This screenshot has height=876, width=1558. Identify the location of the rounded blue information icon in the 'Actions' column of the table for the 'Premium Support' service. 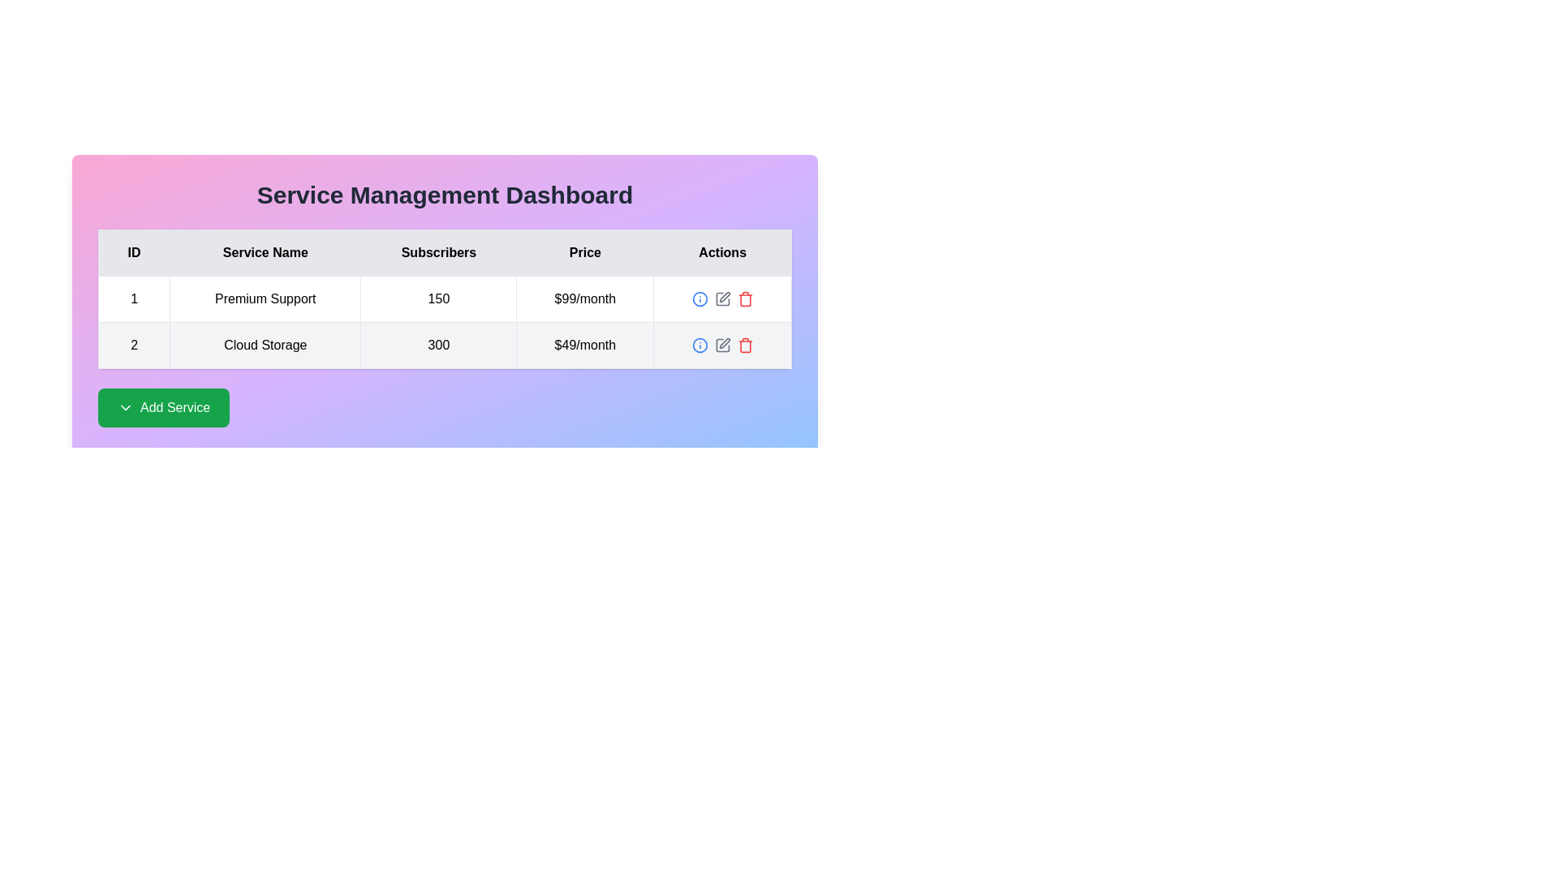
(699, 344).